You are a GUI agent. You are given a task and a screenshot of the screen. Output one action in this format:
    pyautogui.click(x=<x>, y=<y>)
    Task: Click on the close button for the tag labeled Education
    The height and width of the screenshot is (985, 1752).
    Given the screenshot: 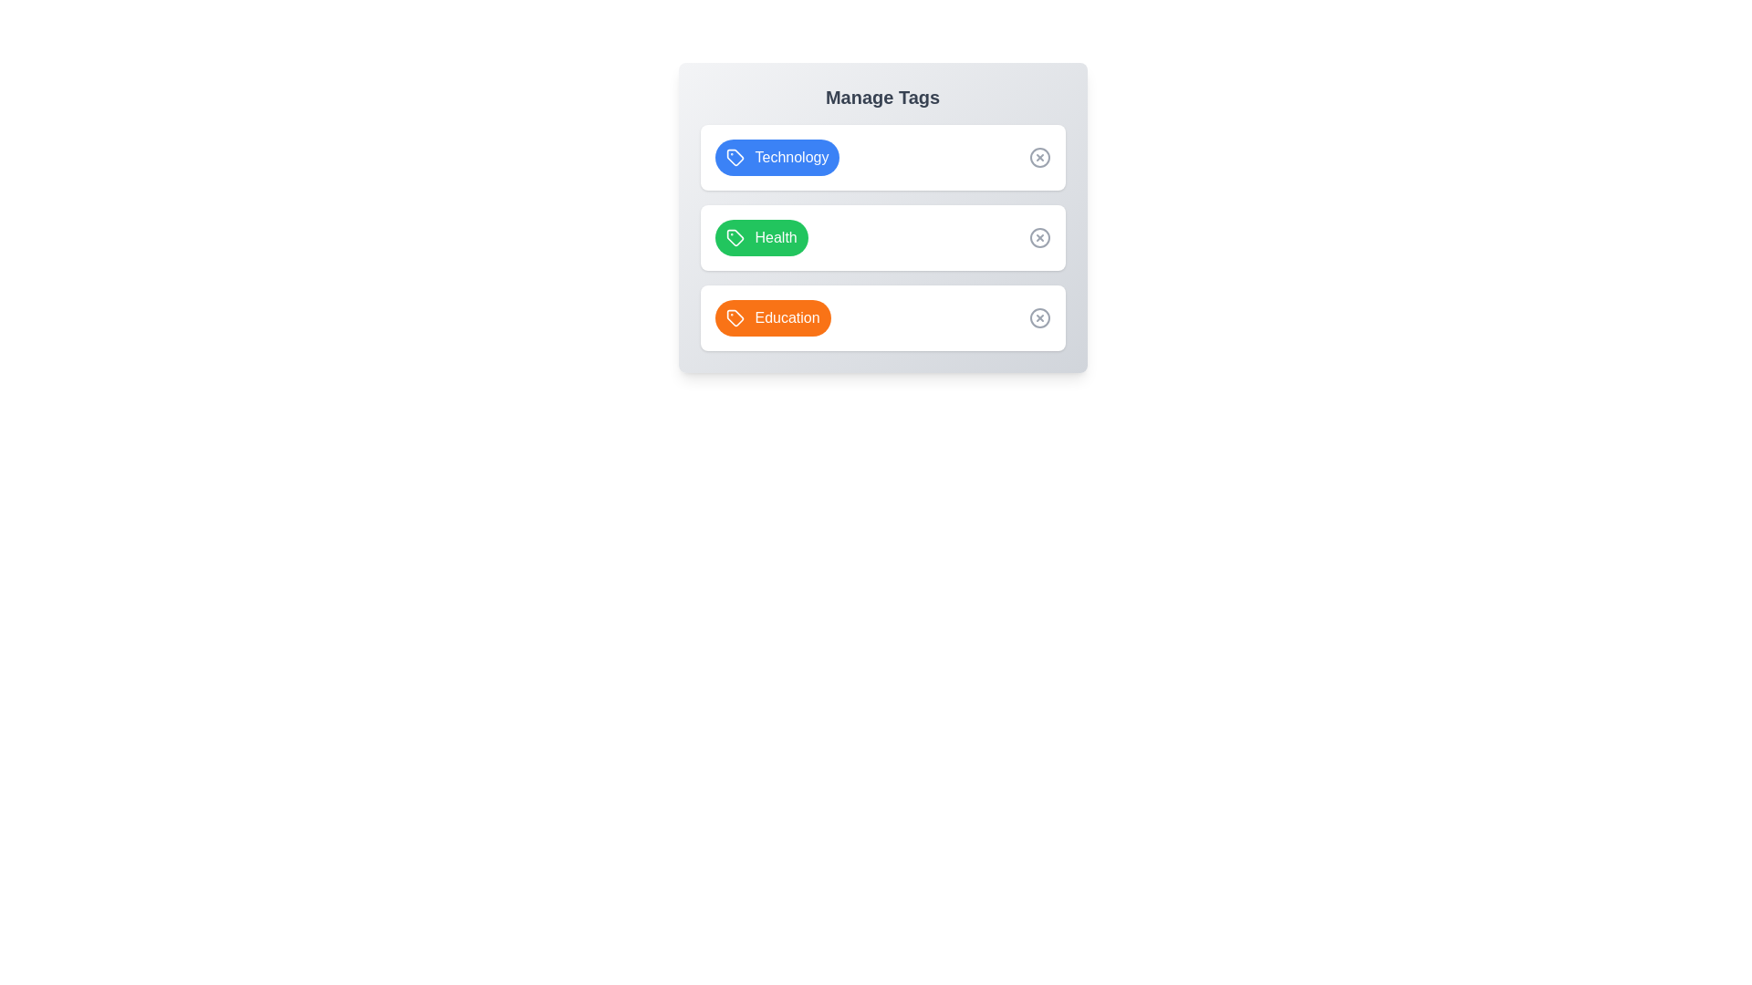 What is the action you would take?
    pyautogui.click(x=1039, y=316)
    